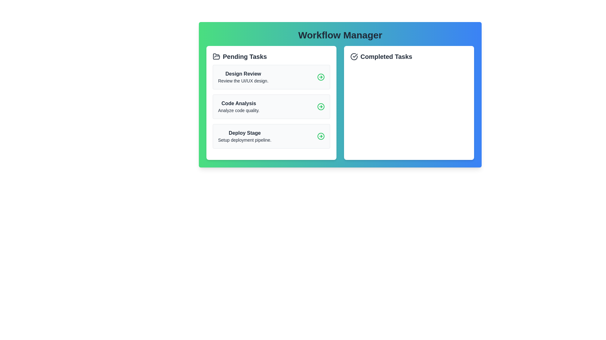 The width and height of the screenshot is (606, 340). Describe the element at coordinates (321, 136) in the screenshot. I see `the circular icon button with a right-pointing arrow and a green border located in the 'Deploy Stage' section of the 'Pending Tasks' panel` at that location.